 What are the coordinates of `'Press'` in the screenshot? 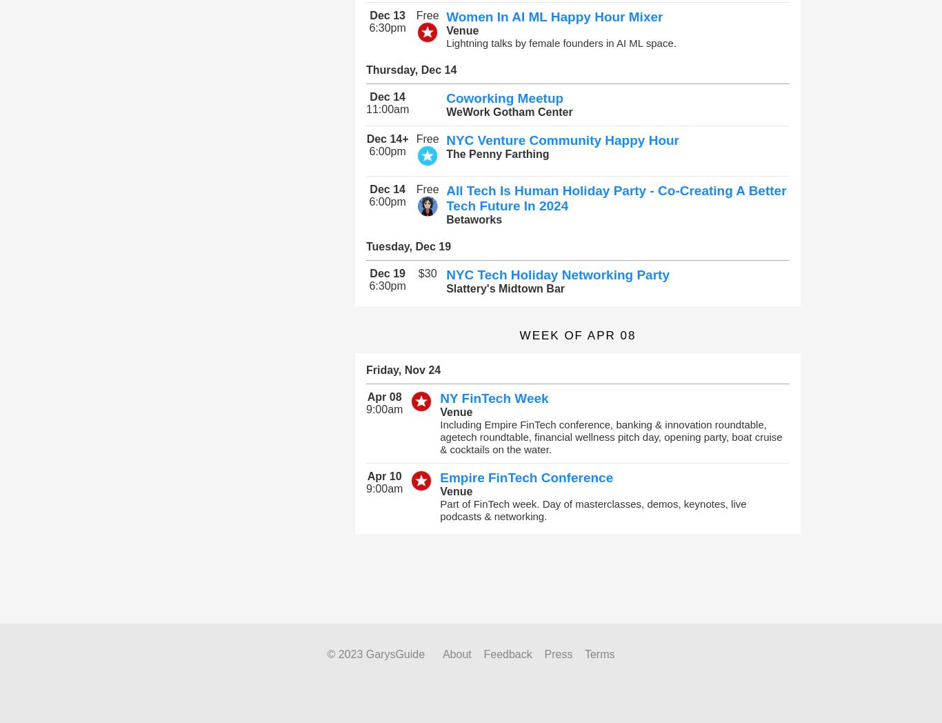 It's located at (557, 654).